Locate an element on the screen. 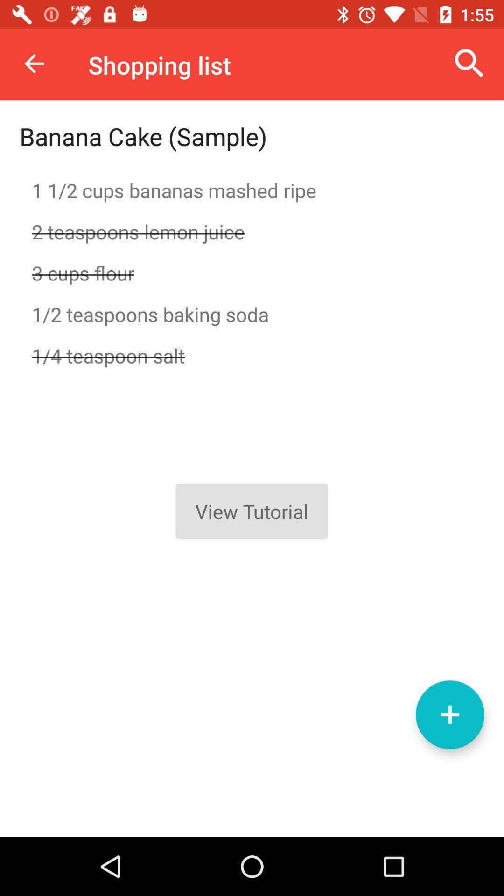 The height and width of the screenshot is (896, 504). icon to the right of shopping list icon is located at coordinates (469, 63).